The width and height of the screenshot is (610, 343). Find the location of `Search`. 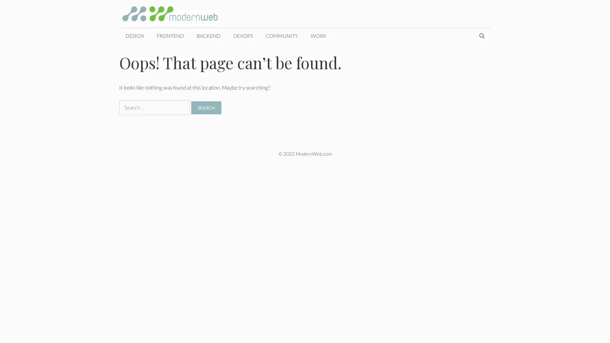

Search is located at coordinates (206, 107).